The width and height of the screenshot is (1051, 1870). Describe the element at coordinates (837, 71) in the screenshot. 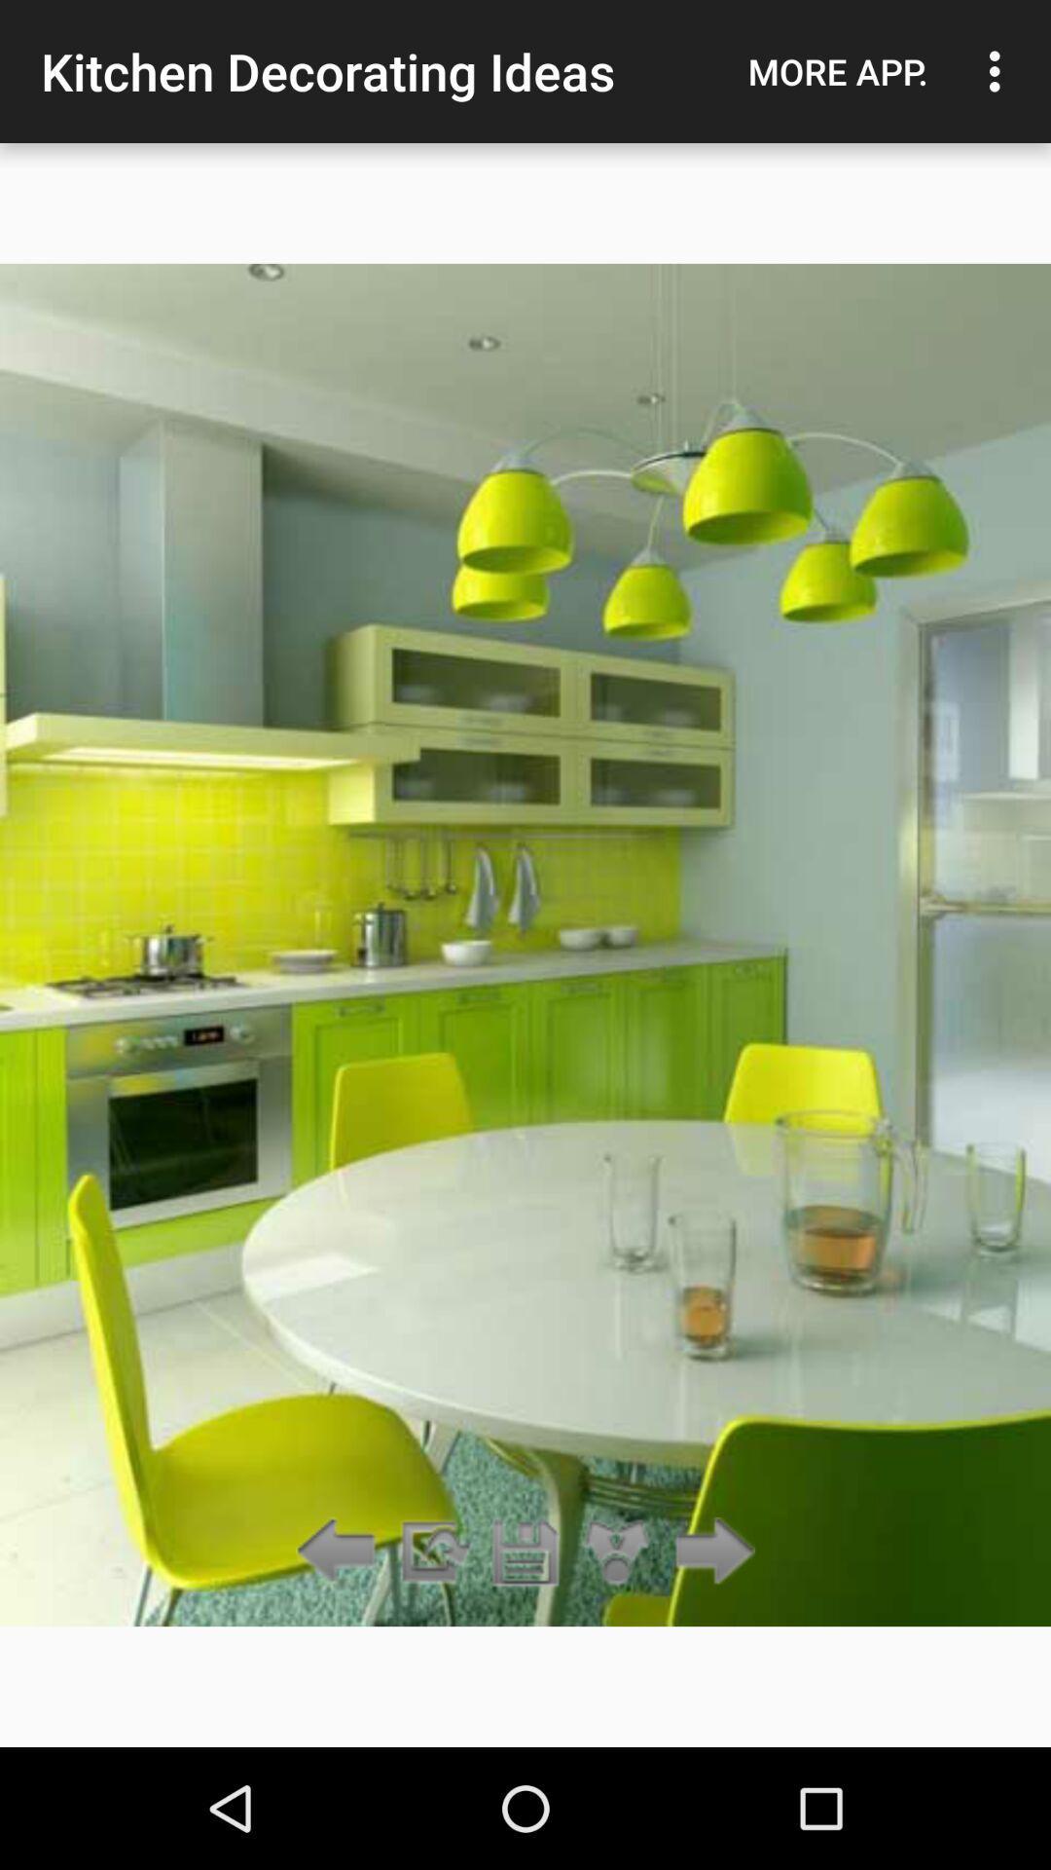

I see `more app. item` at that location.